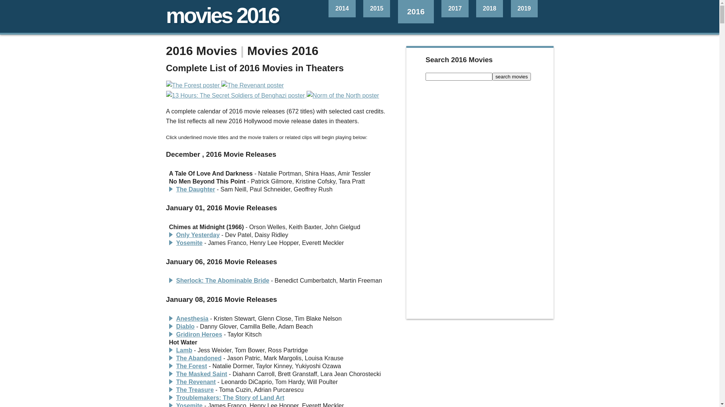 Image resolution: width=725 pixels, height=407 pixels. I want to click on 'The Abandoned', so click(199, 358).